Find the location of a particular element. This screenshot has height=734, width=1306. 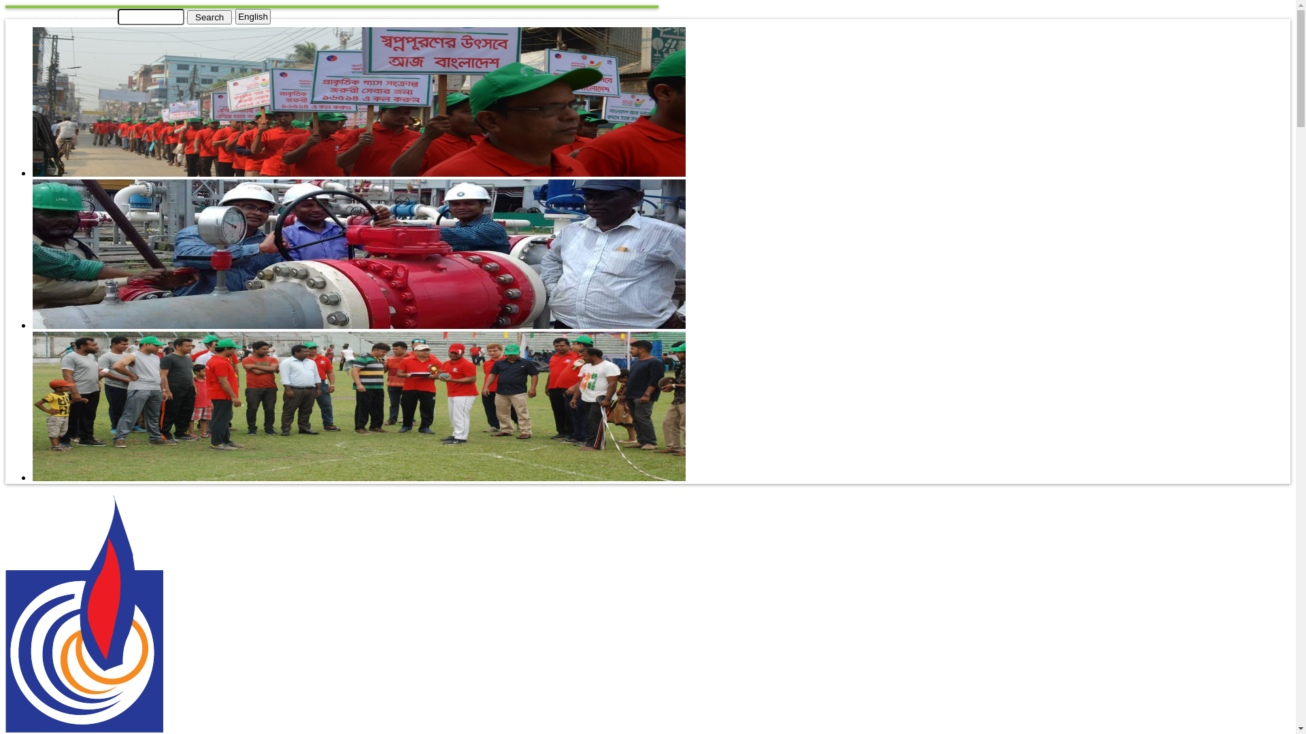

'Search' is located at coordinates (208, 16).